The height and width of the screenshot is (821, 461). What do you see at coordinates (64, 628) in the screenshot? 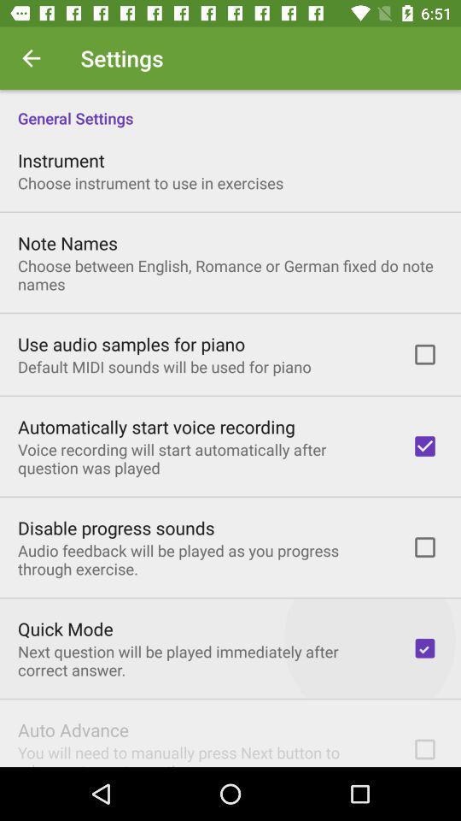
I see `the quick mode item` at bounding box center [64, 628].